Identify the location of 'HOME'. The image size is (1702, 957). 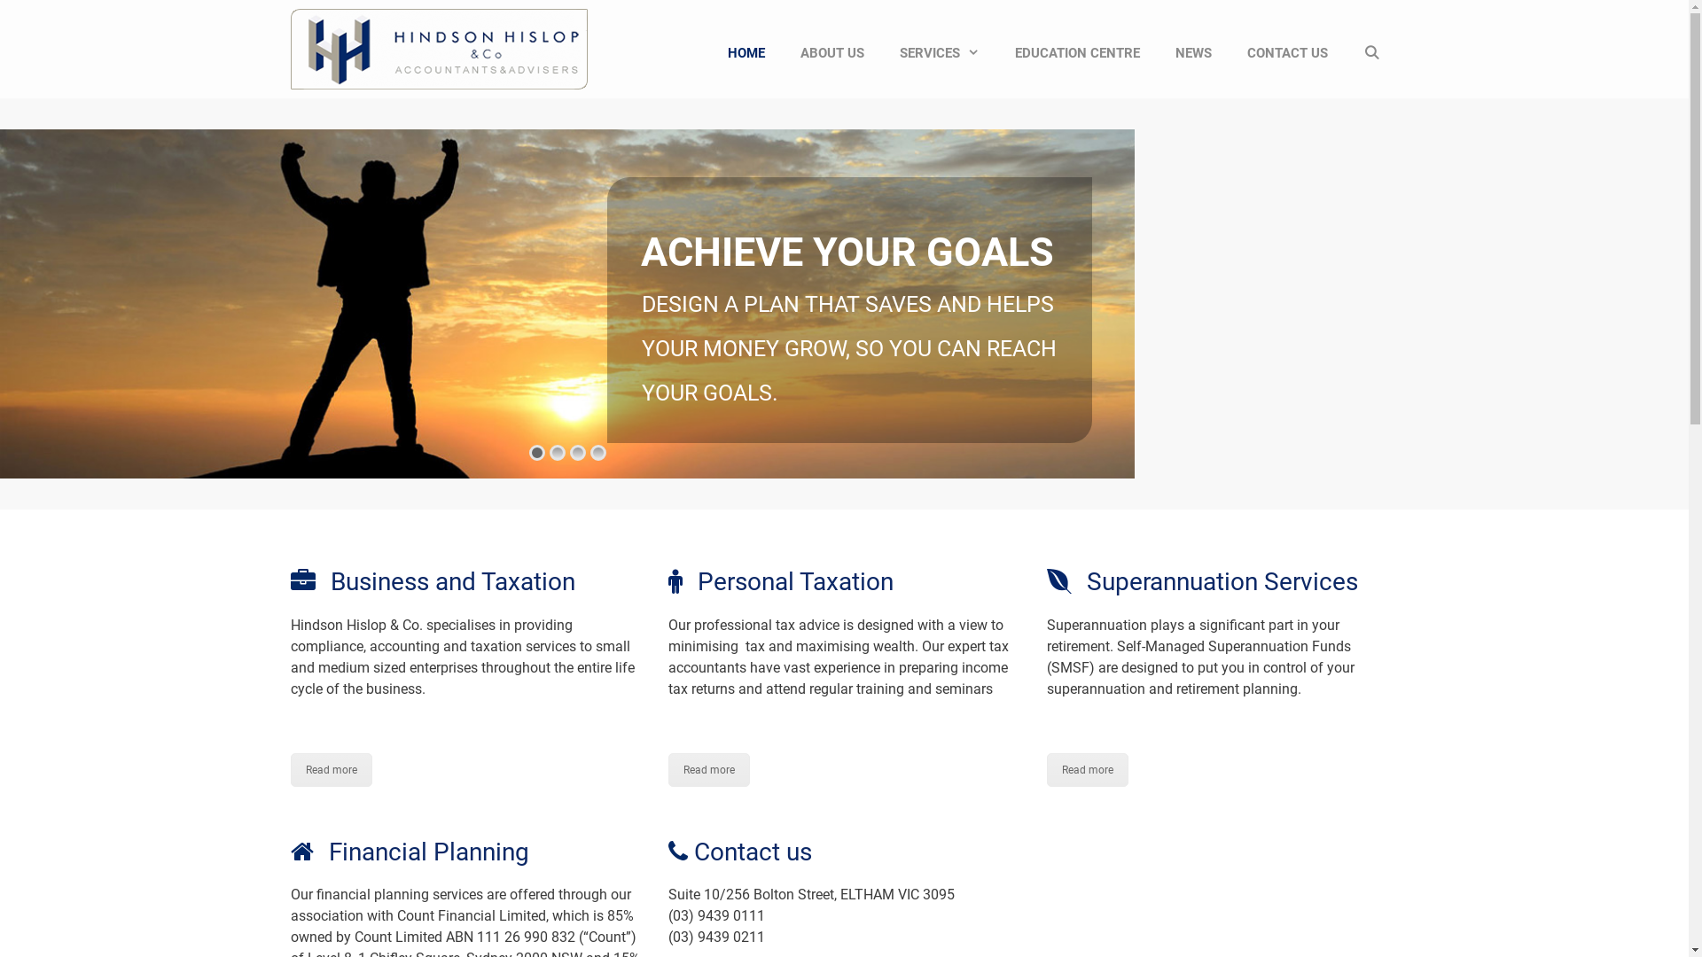
(746, 52).